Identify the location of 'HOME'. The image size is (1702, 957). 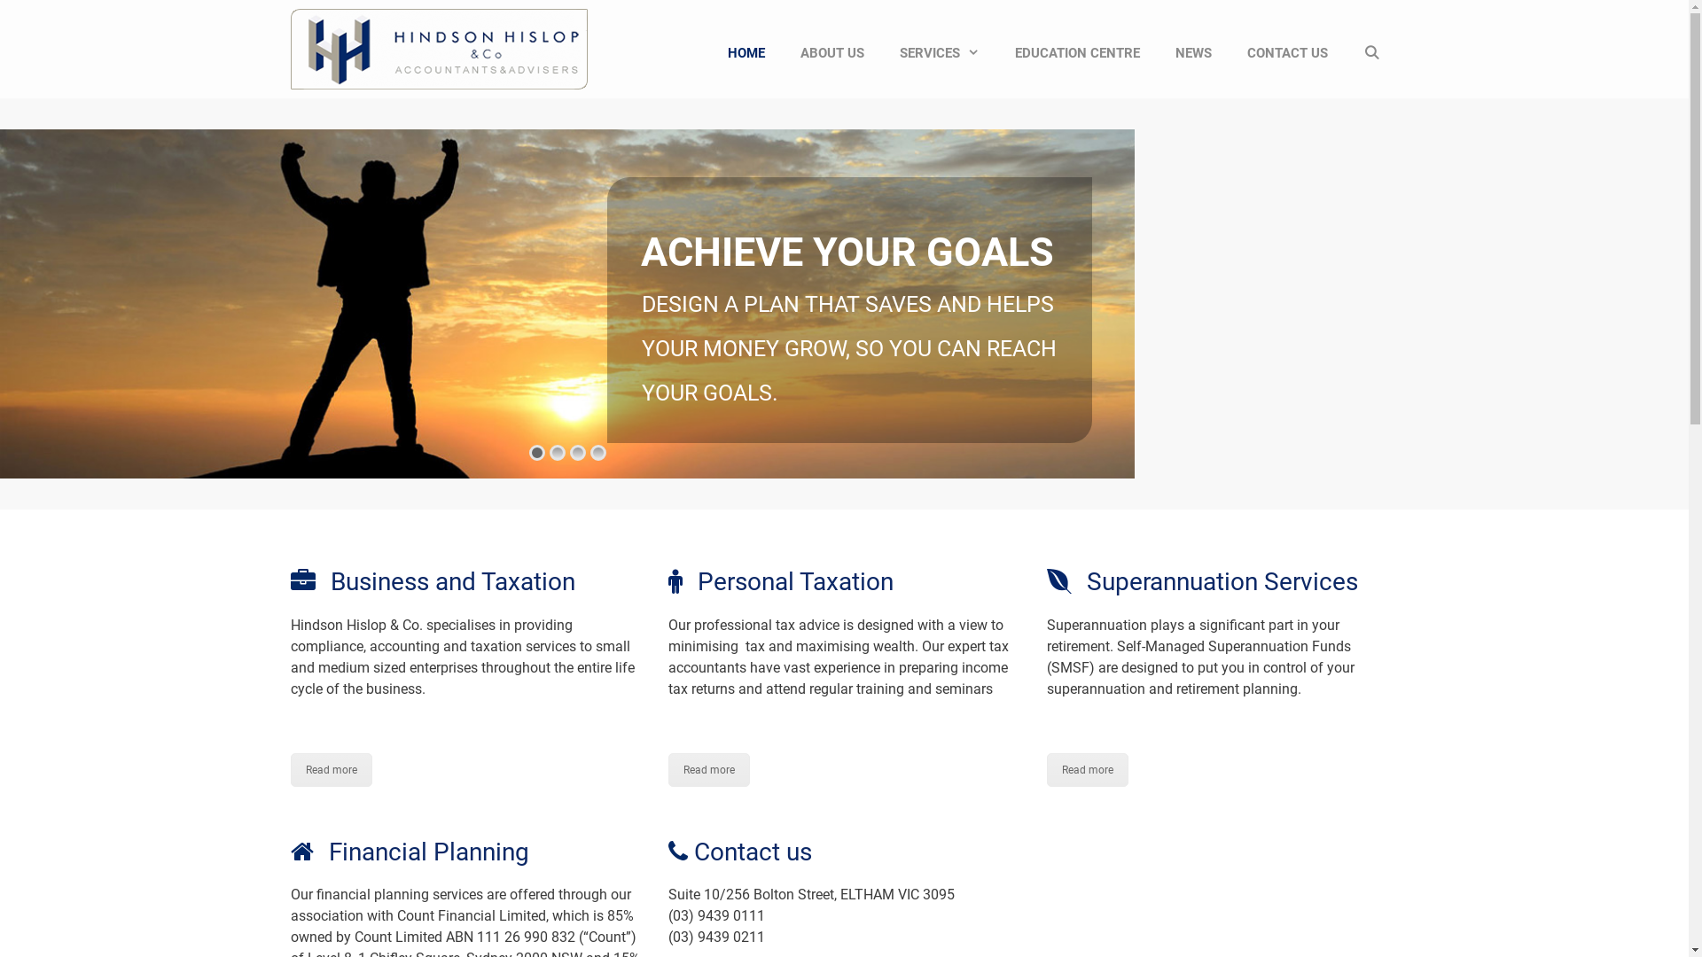
(746, 52).